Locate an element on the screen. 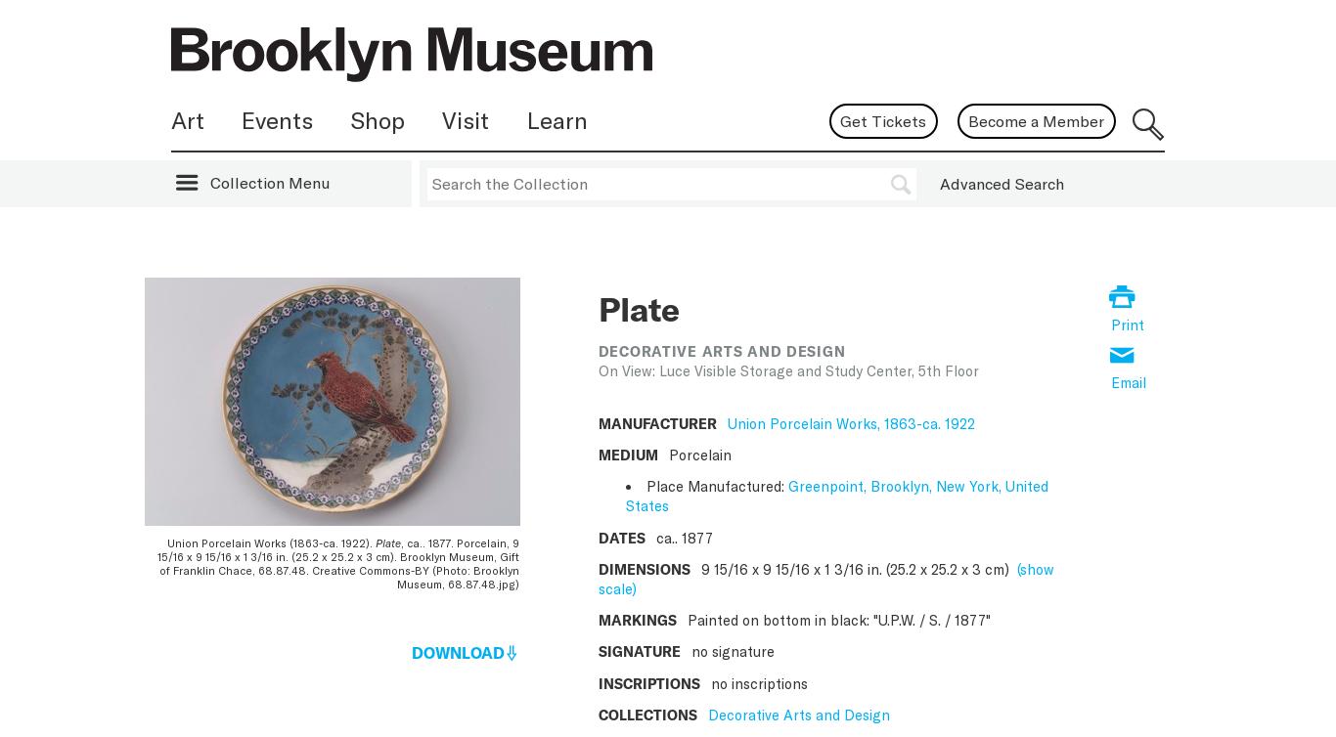  'DOWNLOAD' is located at coordinates (410, 650).